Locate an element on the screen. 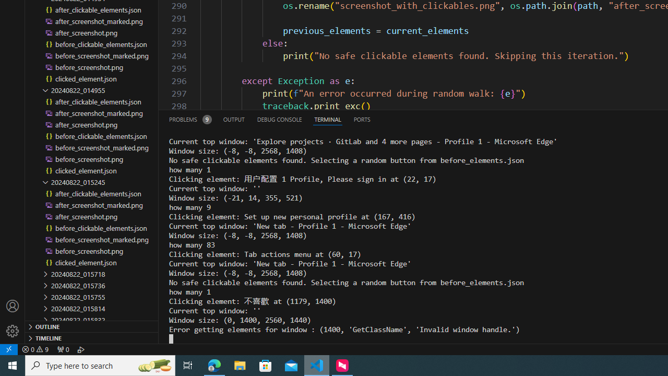 Image resolution: width=668 pixels, height=376 pixels. 'remote' is located at coordinates (9, 349).